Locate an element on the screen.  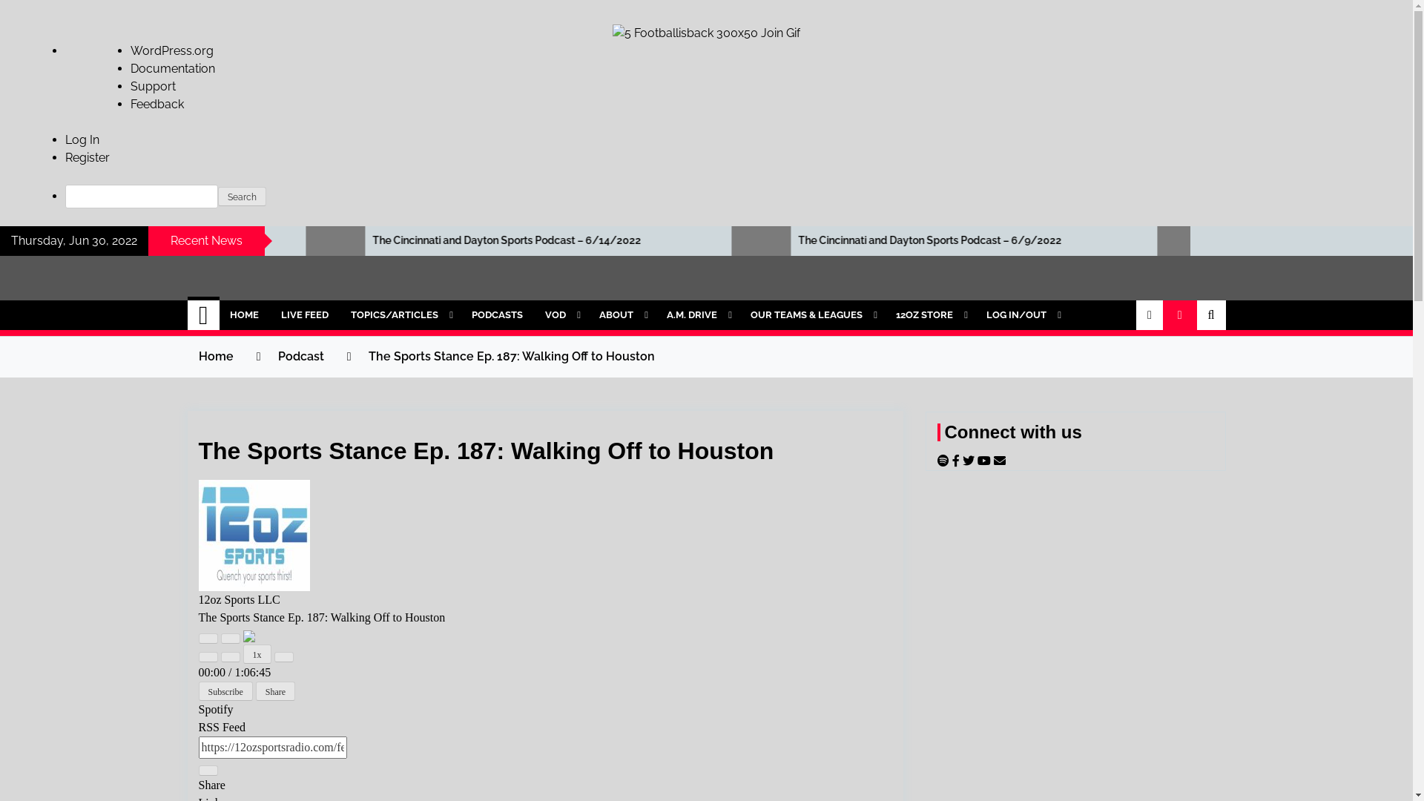
'Home' is located at coordinates (215, 356).